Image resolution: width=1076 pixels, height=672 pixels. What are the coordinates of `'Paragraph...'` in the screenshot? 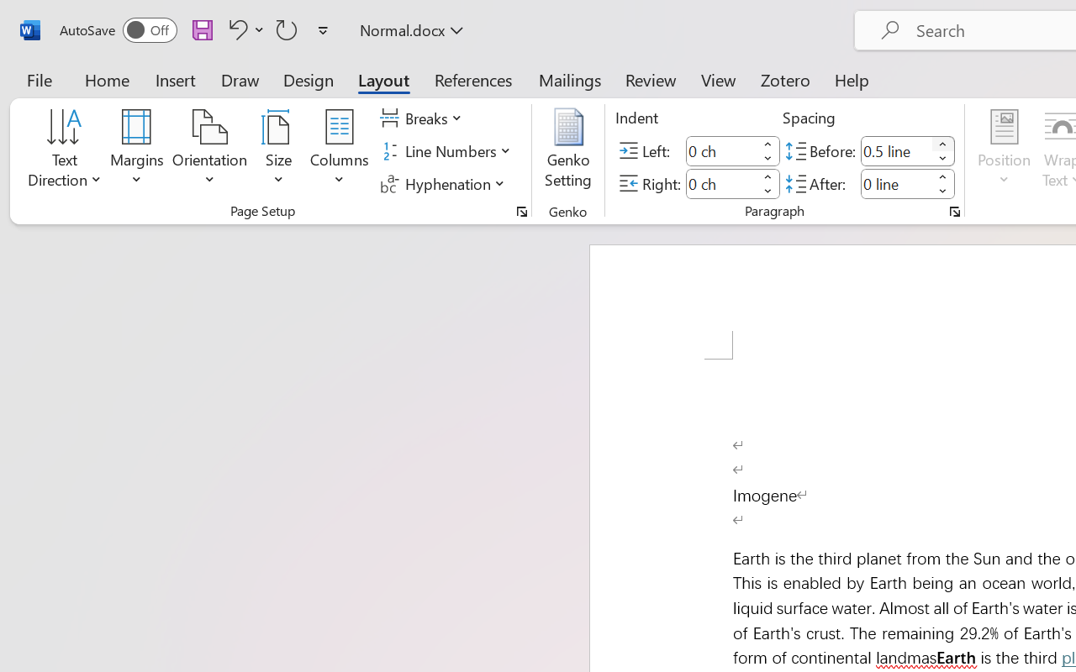 It's located at (955, 211).